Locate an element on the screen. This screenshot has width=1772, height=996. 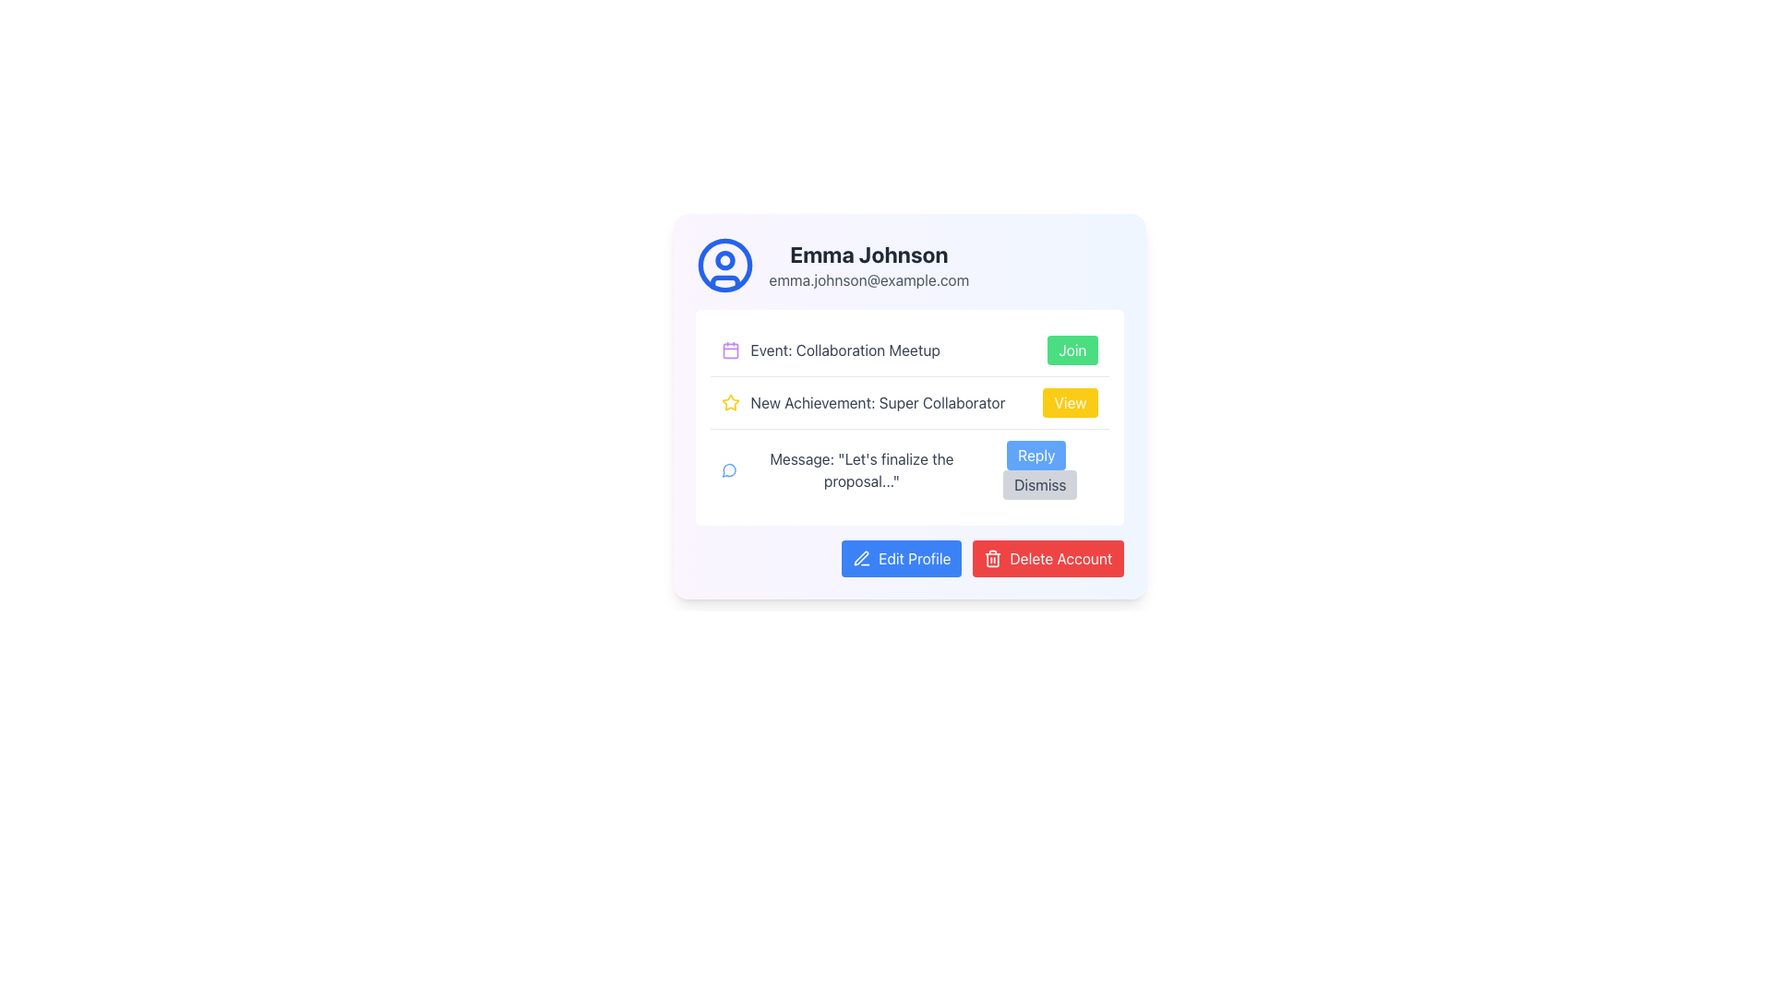
the informational Text Label that displays message content, located centrally below the title and email address, with a speech bubble icon to its left and action buttons 'Reply' and 'Dismiss' to its right is located at coordinates (860, 468).